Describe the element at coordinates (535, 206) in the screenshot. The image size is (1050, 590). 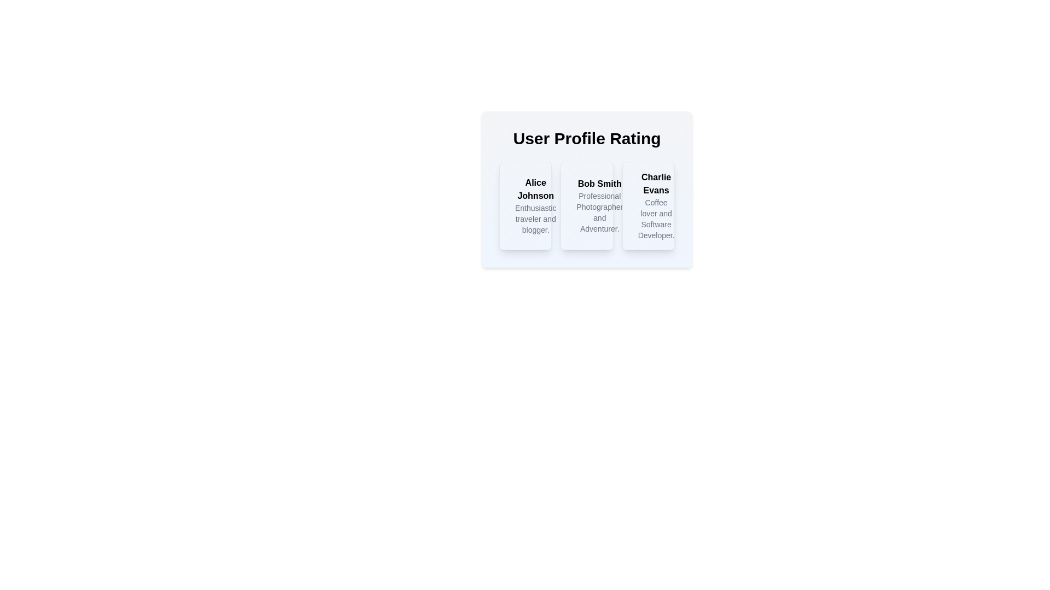
I see `the first profile card in the center column of the interface to focus or select the profile` at that location.